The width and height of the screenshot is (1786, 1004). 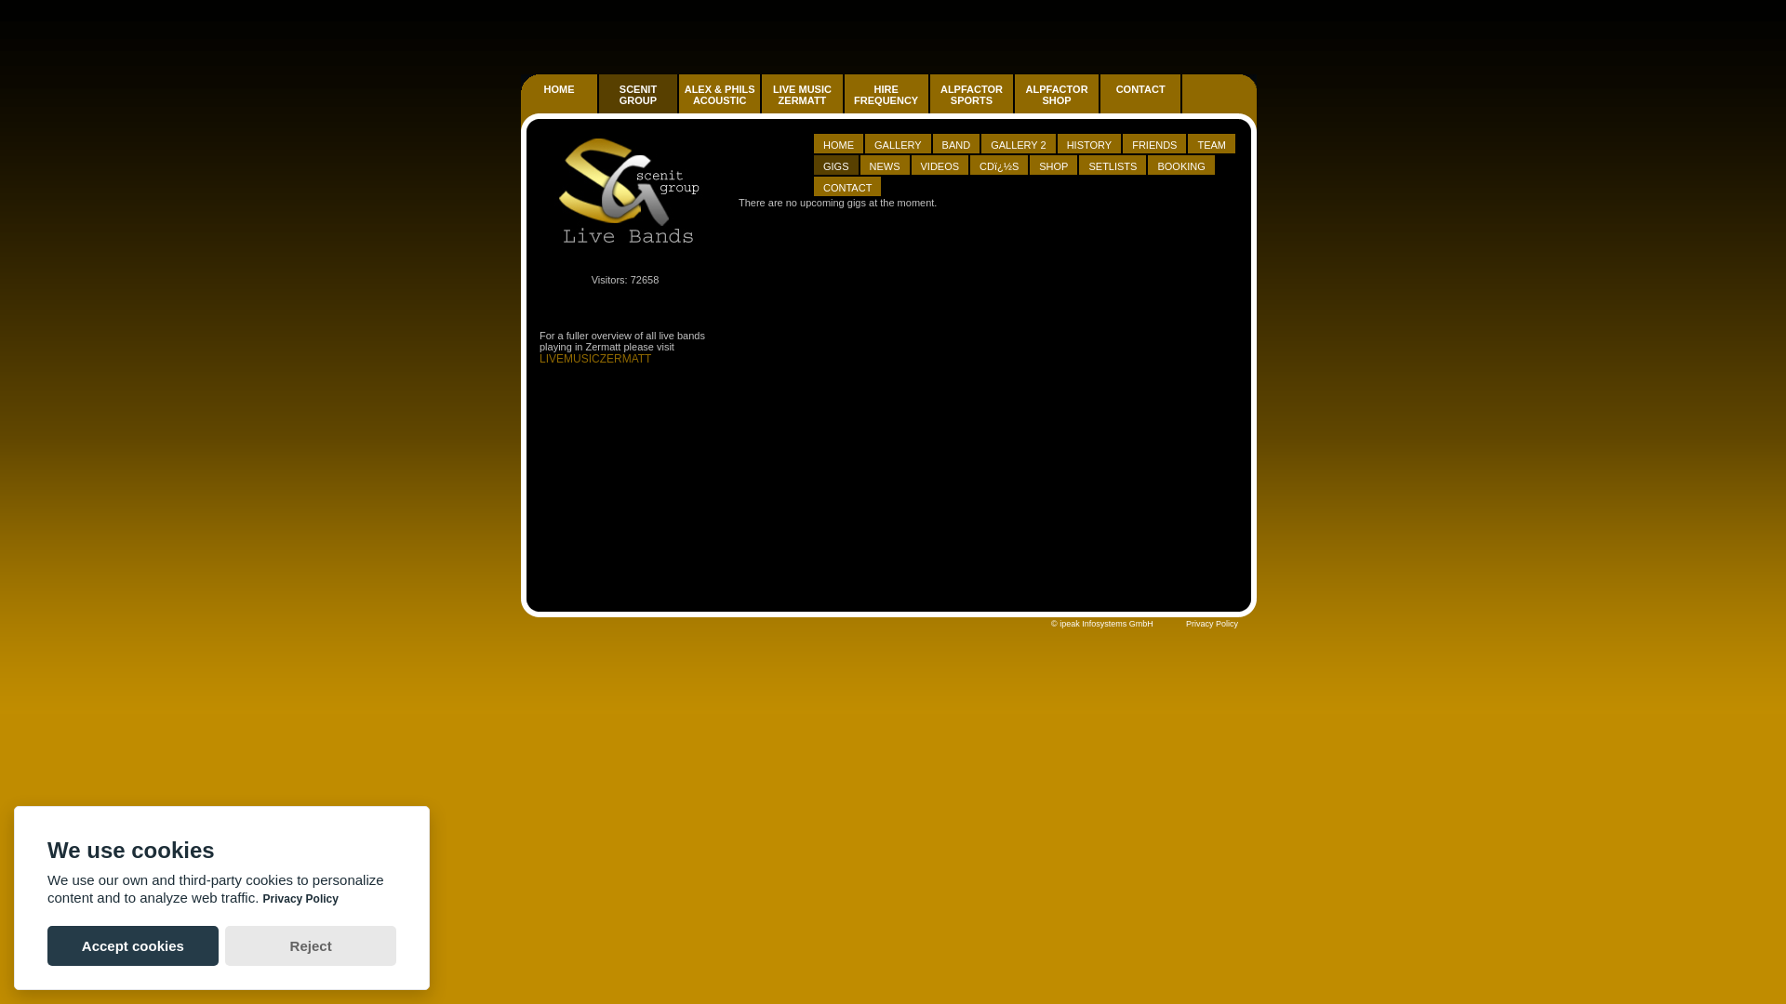 What do you see at coordinates (1100, 103) in the screenshot?
I see `'CONTACT'` at bounding box center [1100, 103].